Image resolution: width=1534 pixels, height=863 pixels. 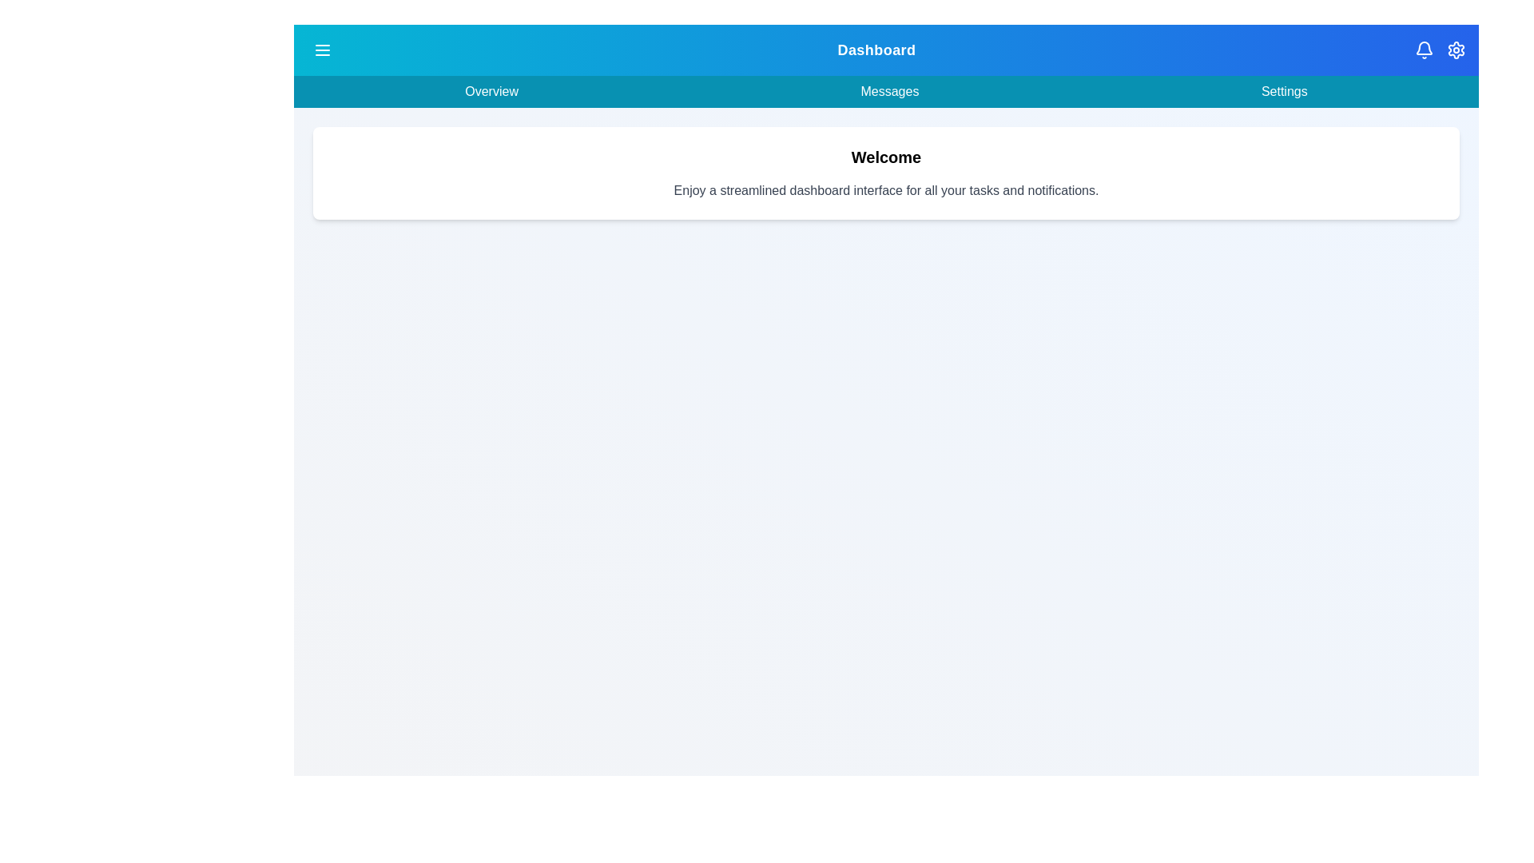 I want to click on the overview_tab to inspect its behavior, so click(x=490, y=92).